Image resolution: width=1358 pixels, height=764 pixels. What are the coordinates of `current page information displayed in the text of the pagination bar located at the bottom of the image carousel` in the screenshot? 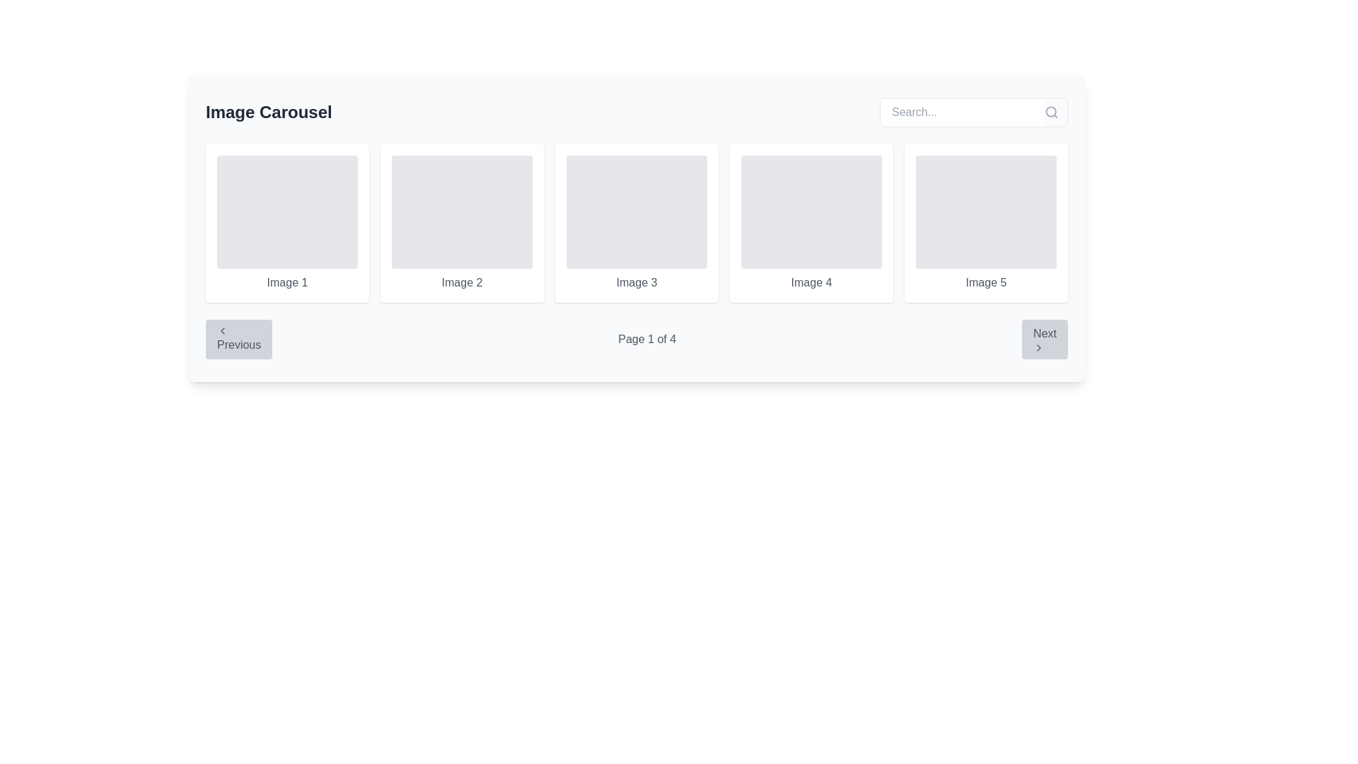 It's located at (636, 339).